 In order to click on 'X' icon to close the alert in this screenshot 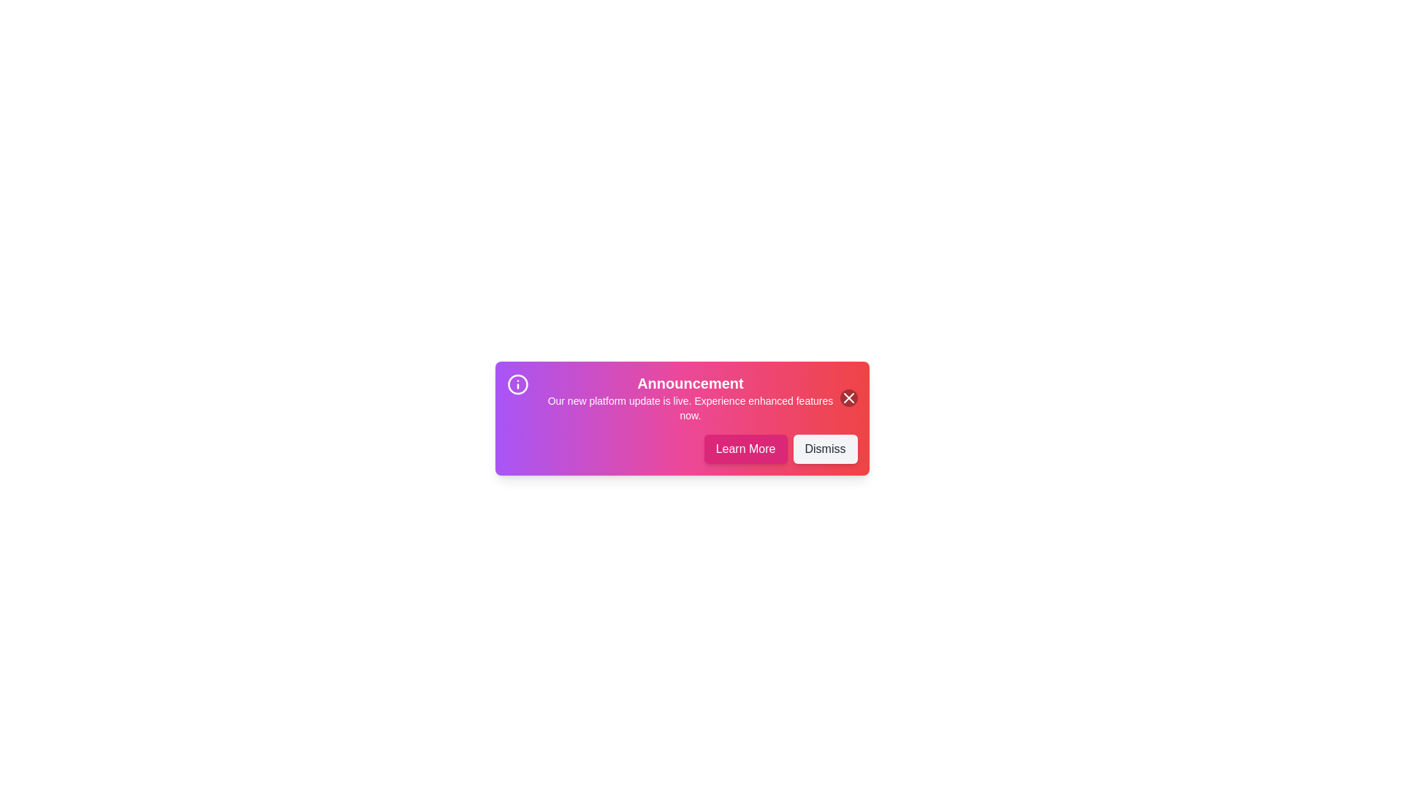, I will do `click(848, 397)`.